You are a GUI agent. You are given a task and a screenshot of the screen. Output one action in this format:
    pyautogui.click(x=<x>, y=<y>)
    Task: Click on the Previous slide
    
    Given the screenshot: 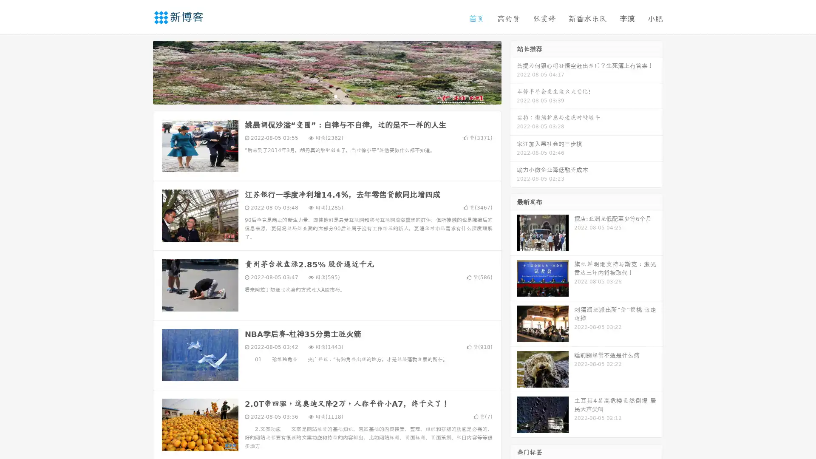 What is the action you would take?
    pyautogui.click(x=140, y=71)
    